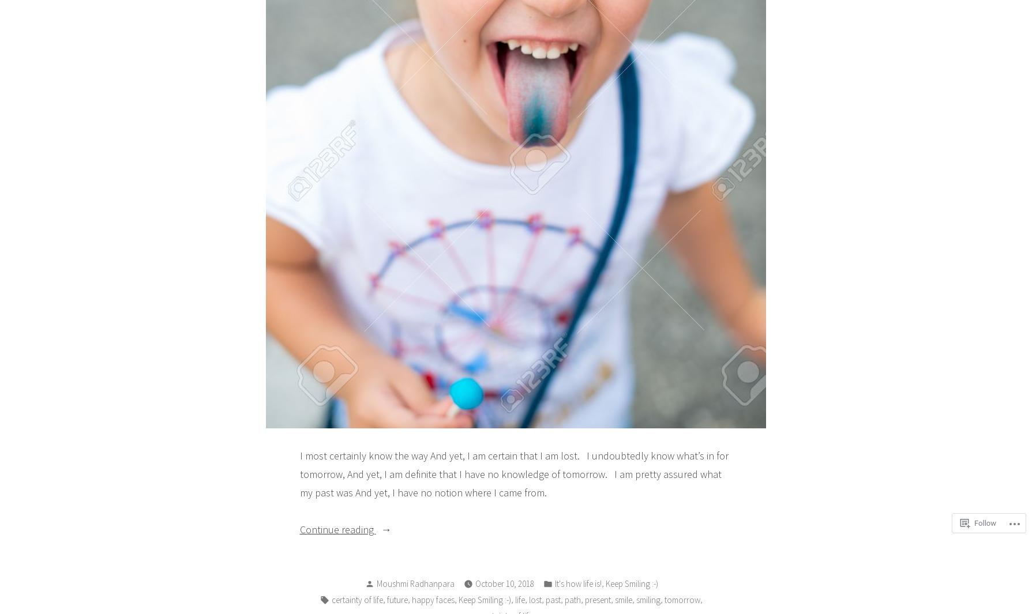  Describe the element at coordinates (648, 599) in the screenshot. I see `'smiling'` at that location.